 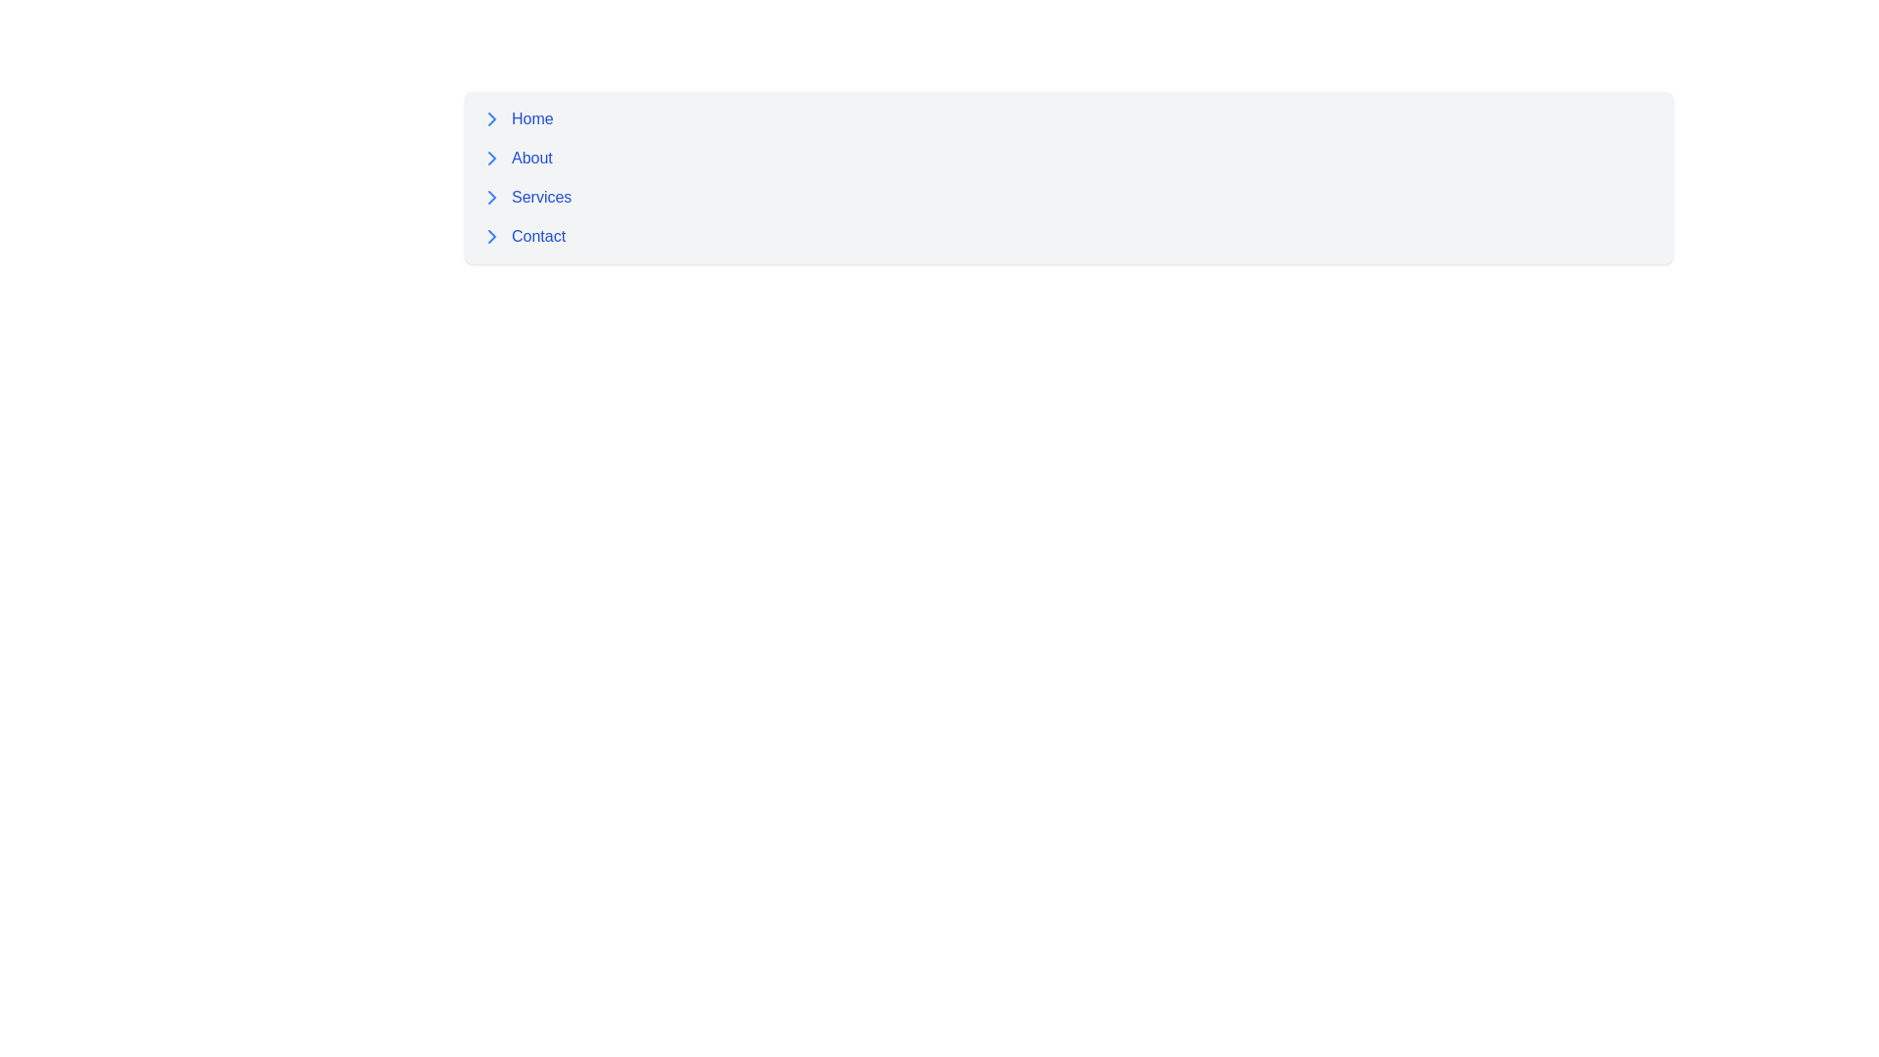 What do you see at coordinates (538, 236) in the screenshot?
I see `the 'Contact' hyperlink, which is the fourth item in a vertically arranged list of navigation links` at bounding box center [538, 236].